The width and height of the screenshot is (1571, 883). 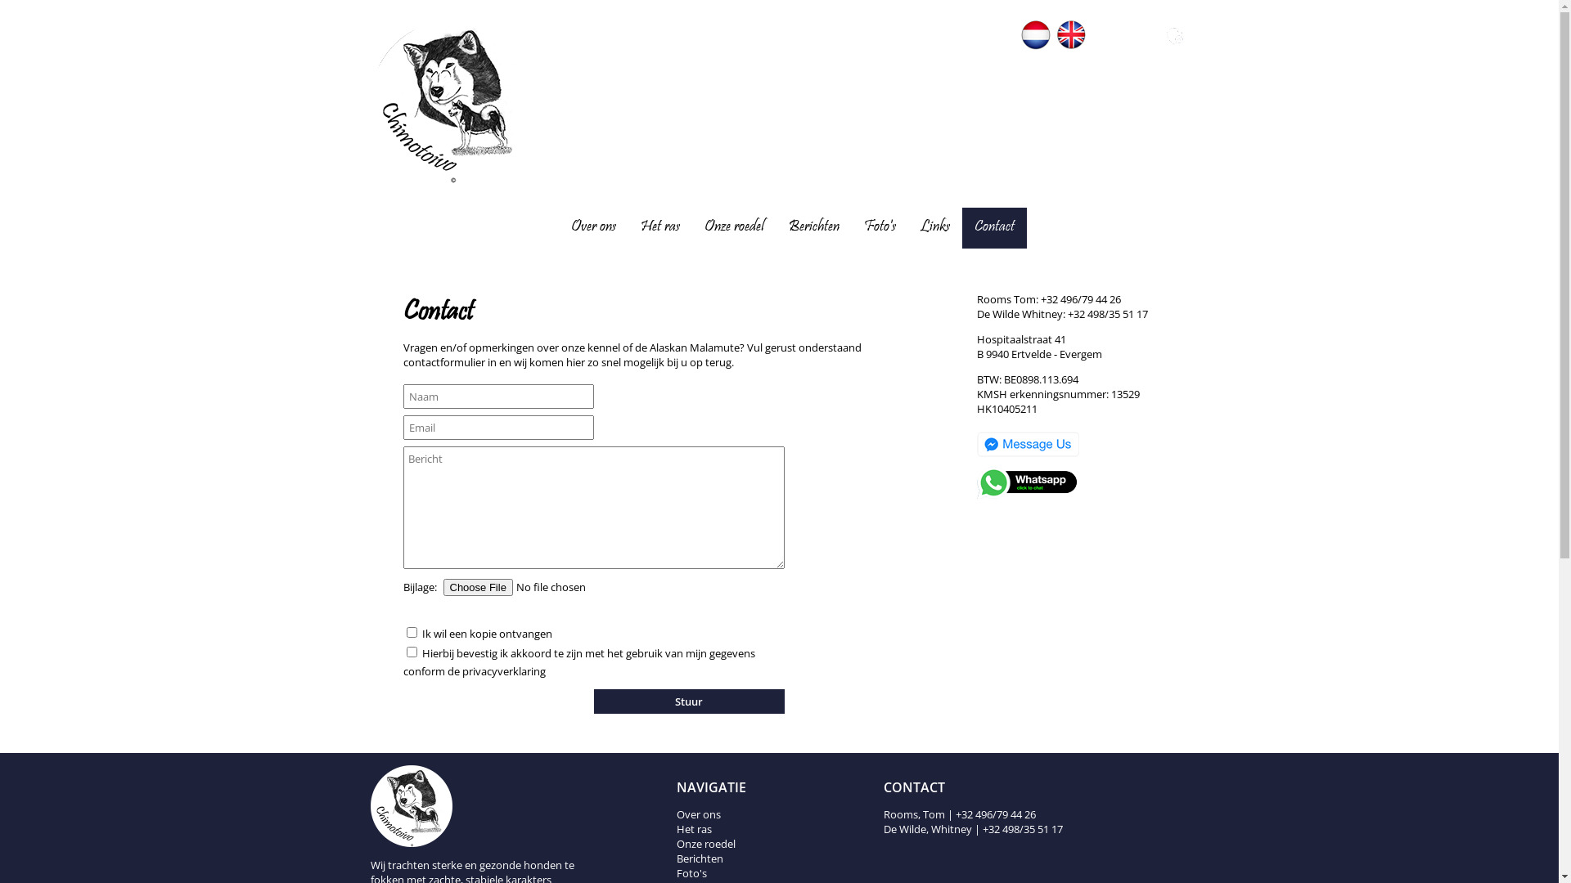 What do you see at coordinates (1056, 45) in the screenshot?
I see `'View Chimotoivo in English'` at bounding box center [1056, 45].